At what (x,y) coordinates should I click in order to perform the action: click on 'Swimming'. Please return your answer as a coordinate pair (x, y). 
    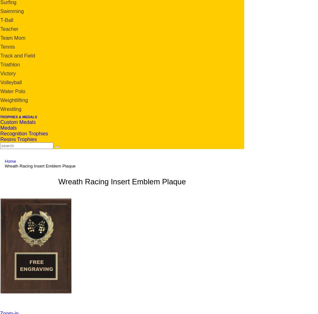
    Looking at the image, I should click on (12, 10).